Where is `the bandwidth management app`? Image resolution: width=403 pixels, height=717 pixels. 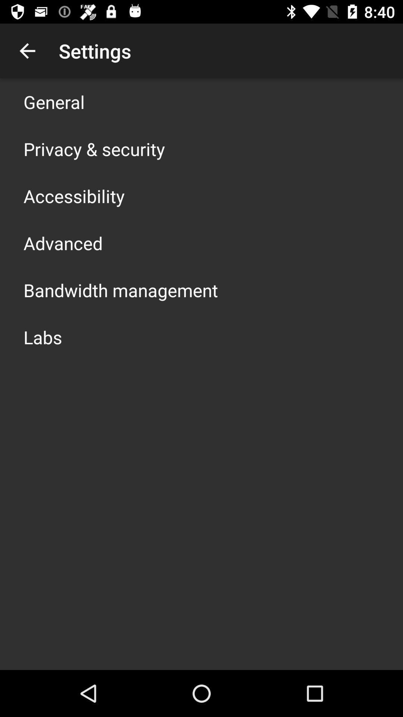
the bandwidth management app is located at coordinates (120, 290).